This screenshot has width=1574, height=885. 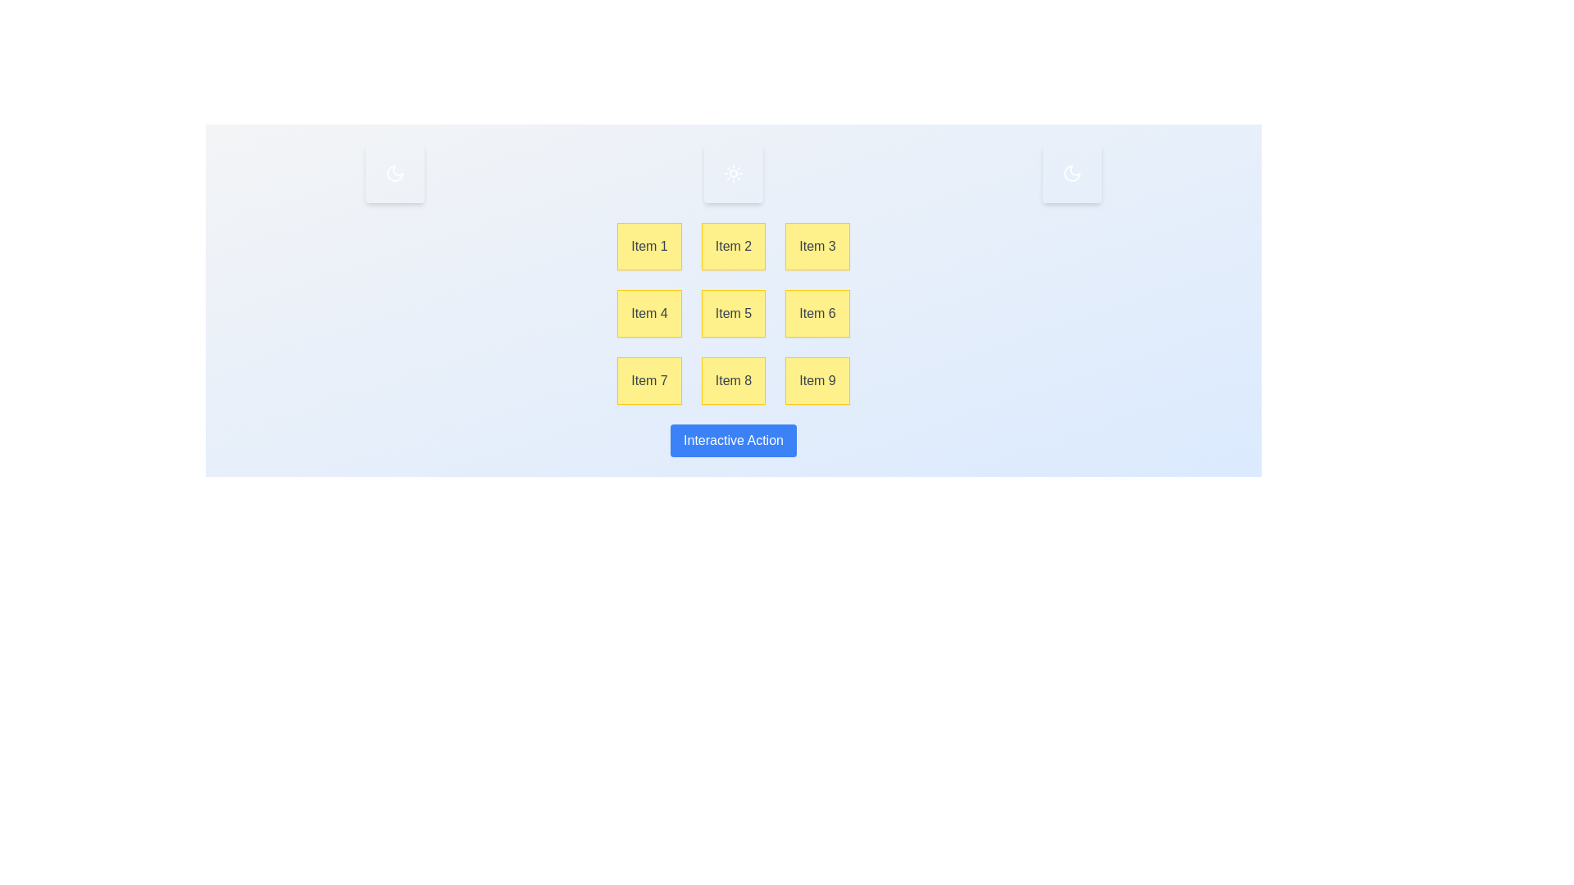 What do you see at coordinates (648, 246) in the screenshot?
I see `the static text label 'Item 1' located in the top-left corner of a 3x3 grid layout, which is the first element in the first column and first row` at bounding box center [648, 246].